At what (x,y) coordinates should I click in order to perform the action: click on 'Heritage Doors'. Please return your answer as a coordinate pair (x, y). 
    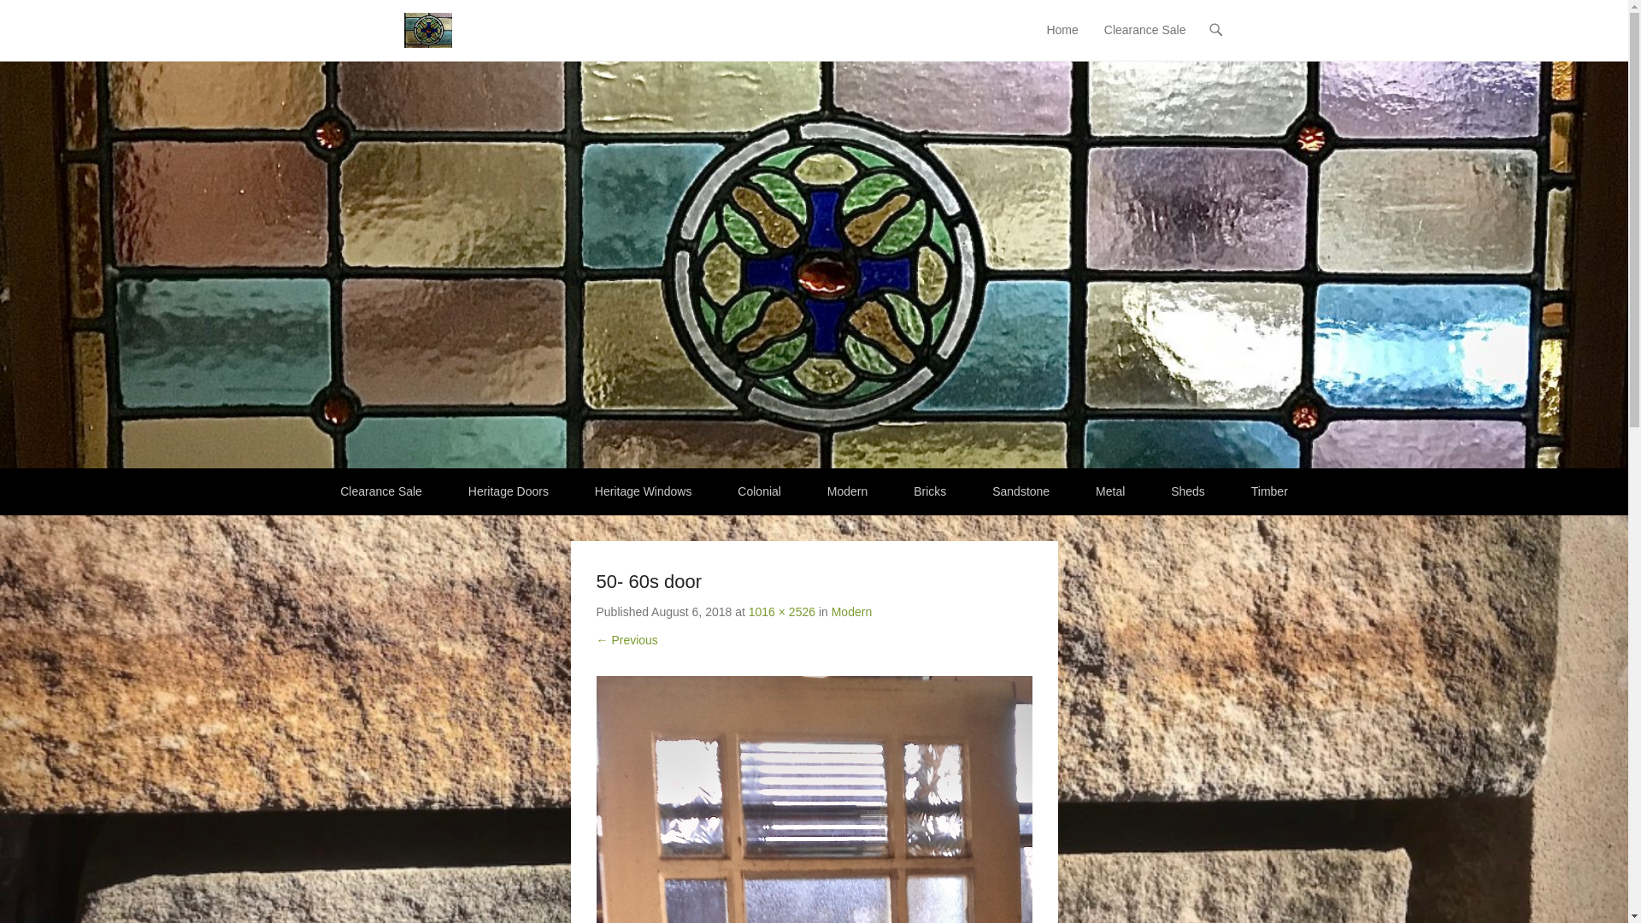
    Looking at the image, I should click on (447, 491).